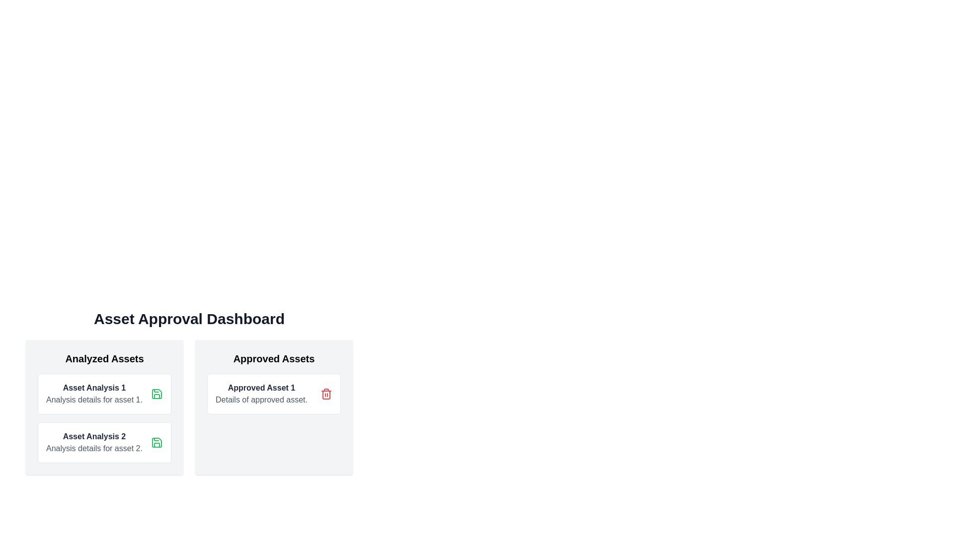 Image resolution: width=954 pixels, height=536 pixels. Describe the element at coordinates (94, 442) in the screenshot. I see `the informational text block that provides the title and description for 'Asset 2' located in the bottom-left quadrant of the interface, specifically within the 'Analyzed Assets' section, as the second entry in the vertical list` at that location.